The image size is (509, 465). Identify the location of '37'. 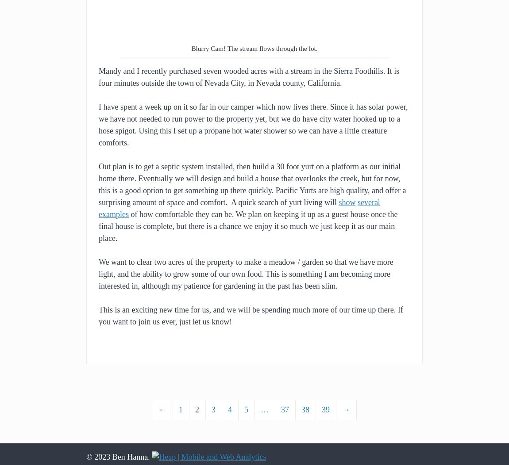
(285, 409).